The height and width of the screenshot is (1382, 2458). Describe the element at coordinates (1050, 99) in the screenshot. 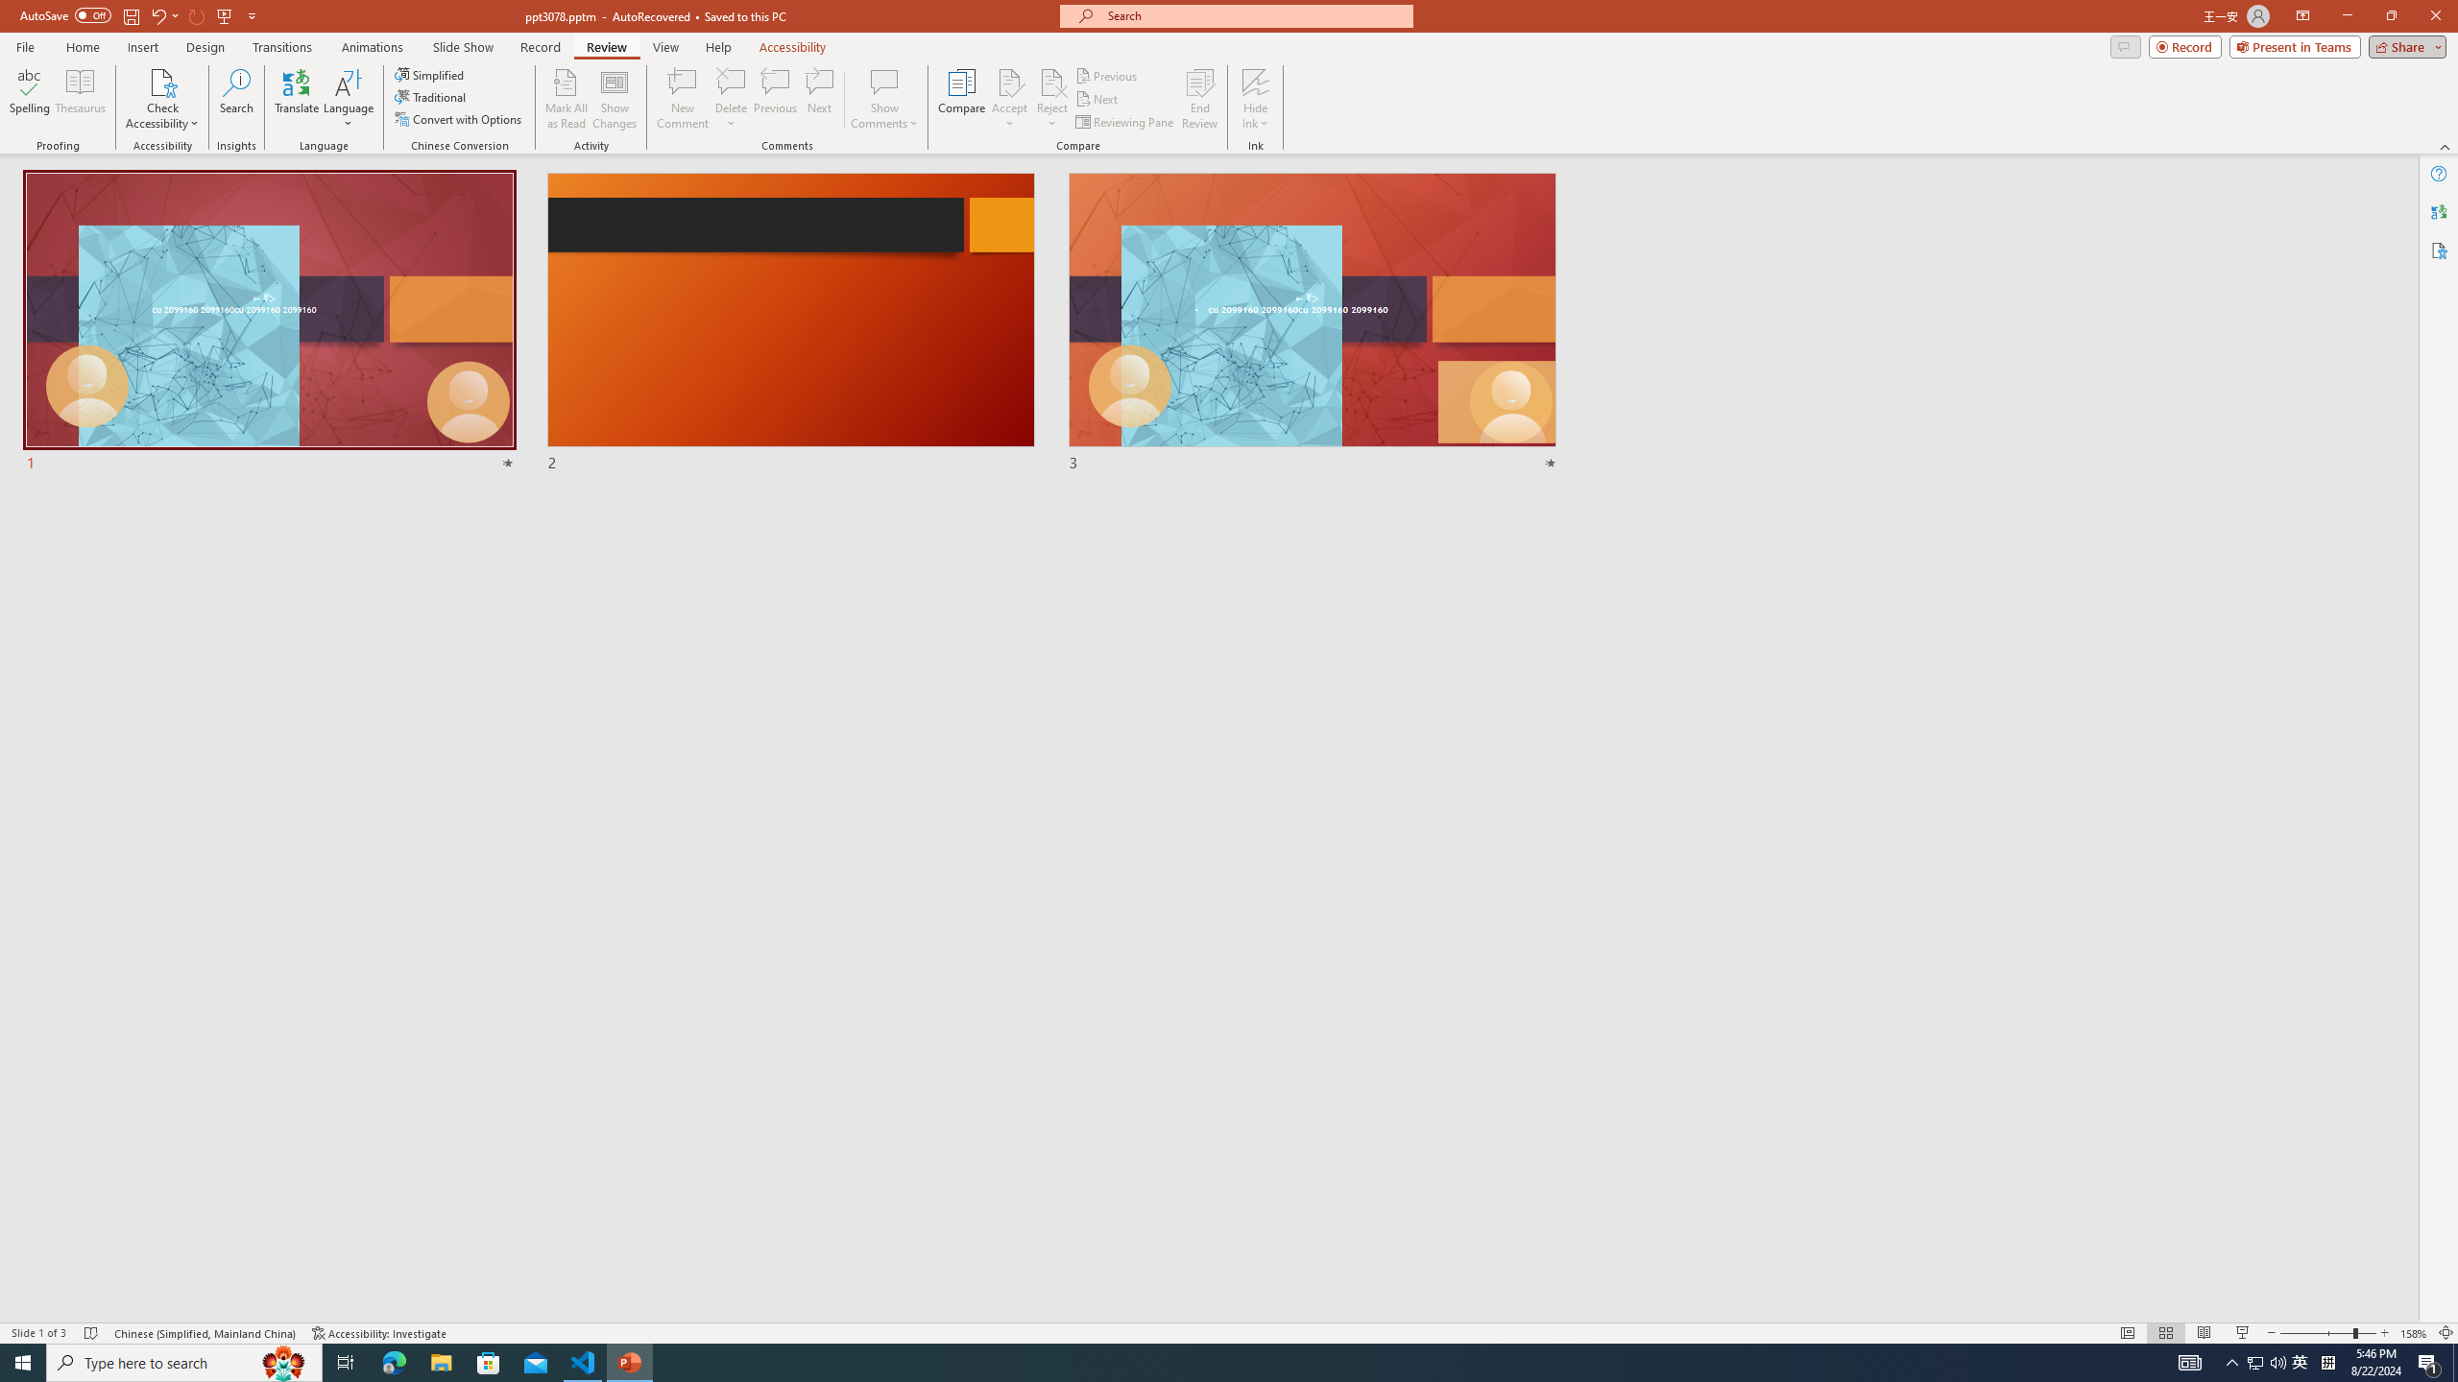

I see `'Reject'` at that location.